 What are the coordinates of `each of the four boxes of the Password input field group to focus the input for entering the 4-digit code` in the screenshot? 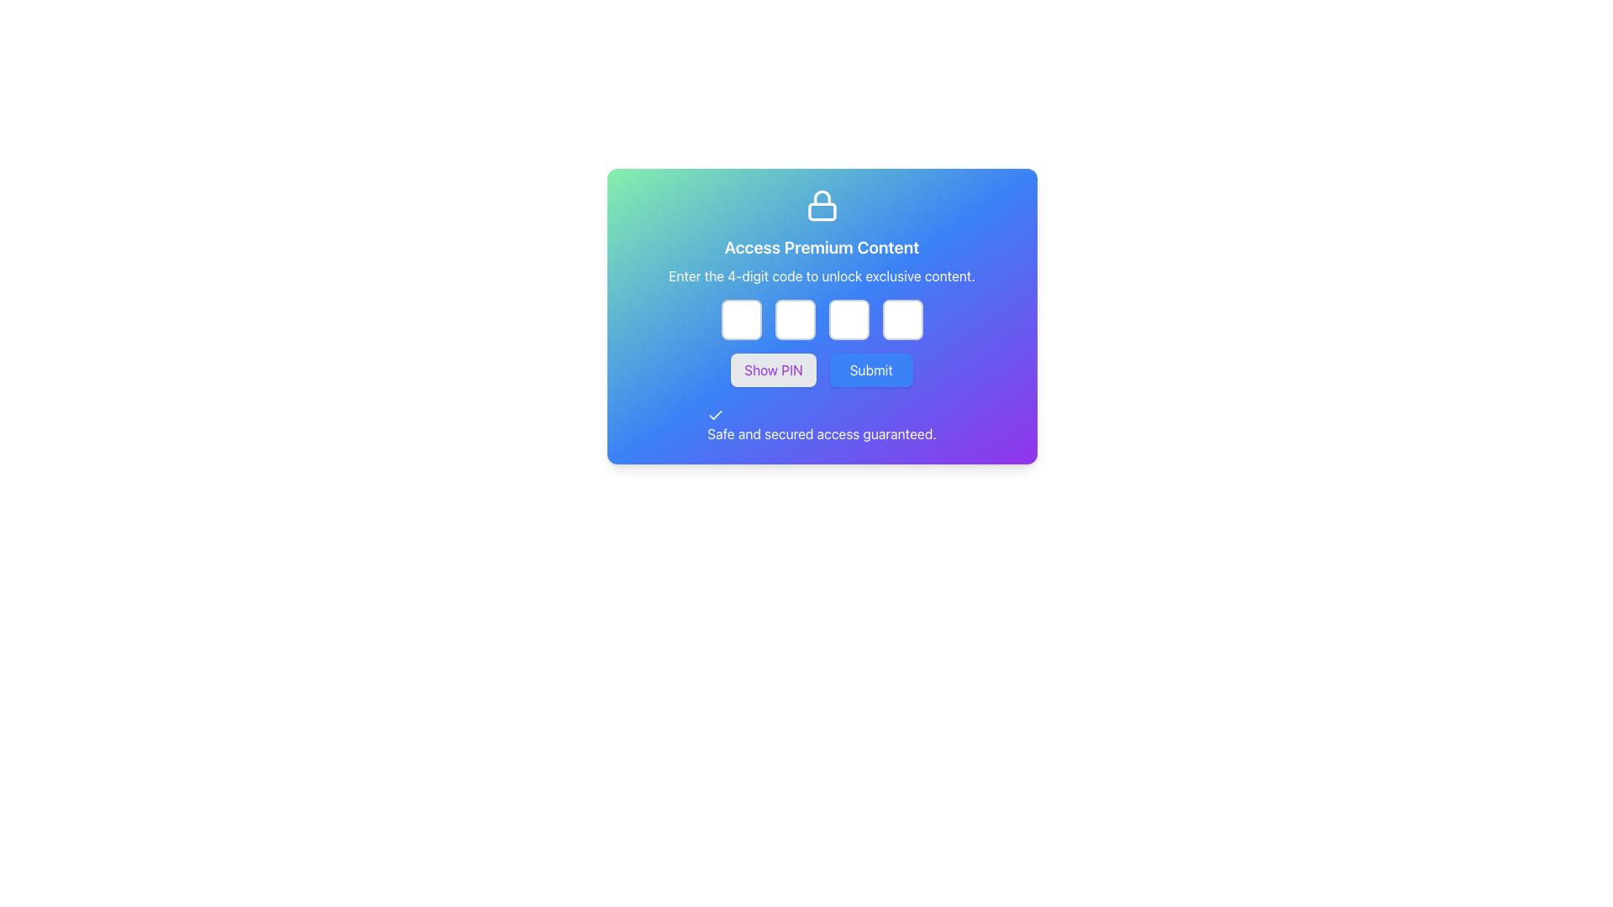 It's located at (822, 320).